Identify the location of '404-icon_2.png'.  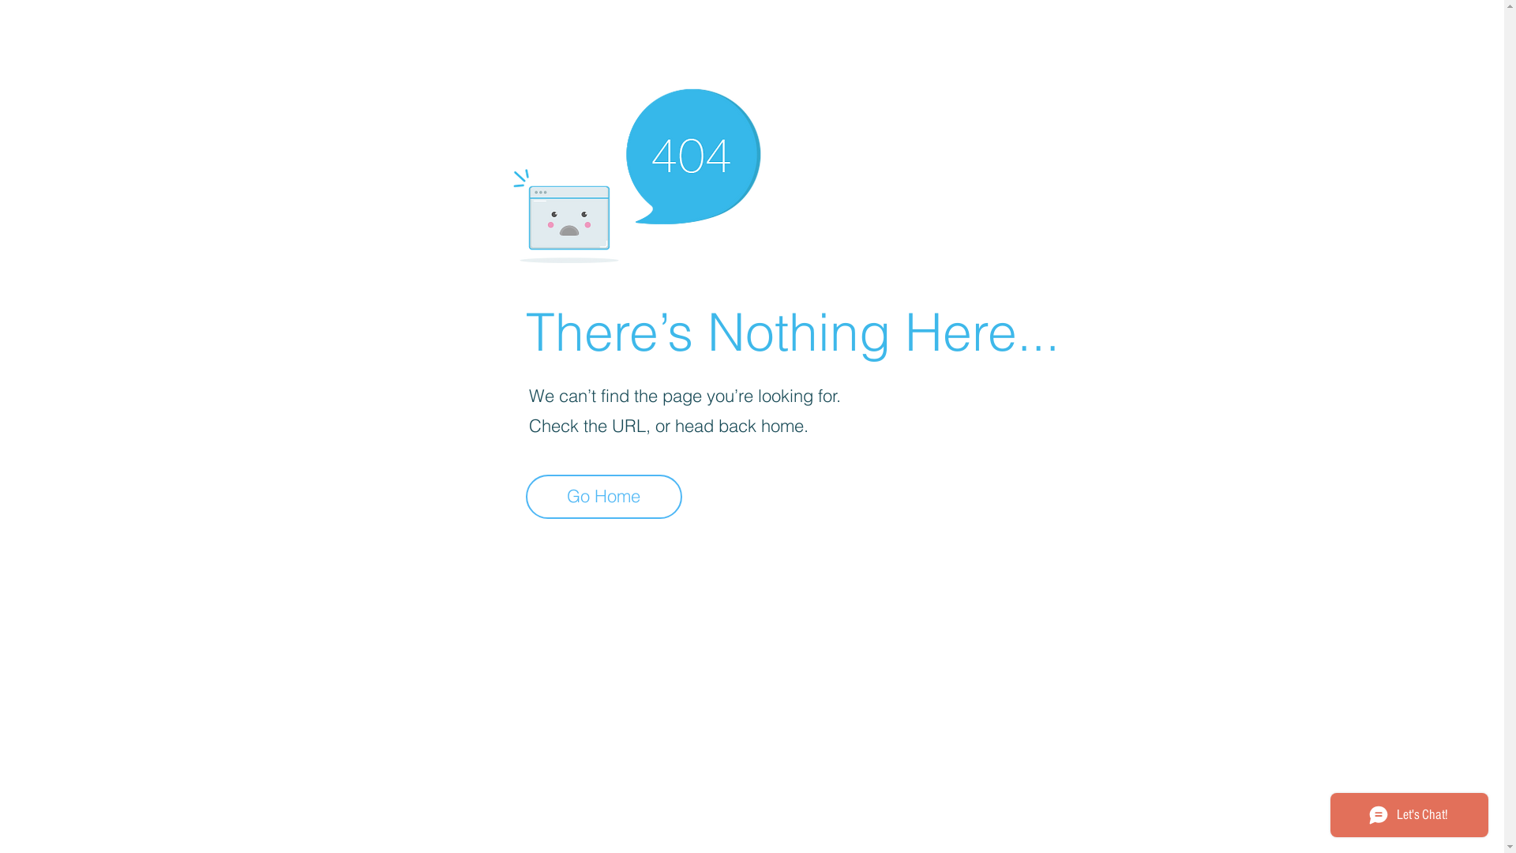
(636, 171).